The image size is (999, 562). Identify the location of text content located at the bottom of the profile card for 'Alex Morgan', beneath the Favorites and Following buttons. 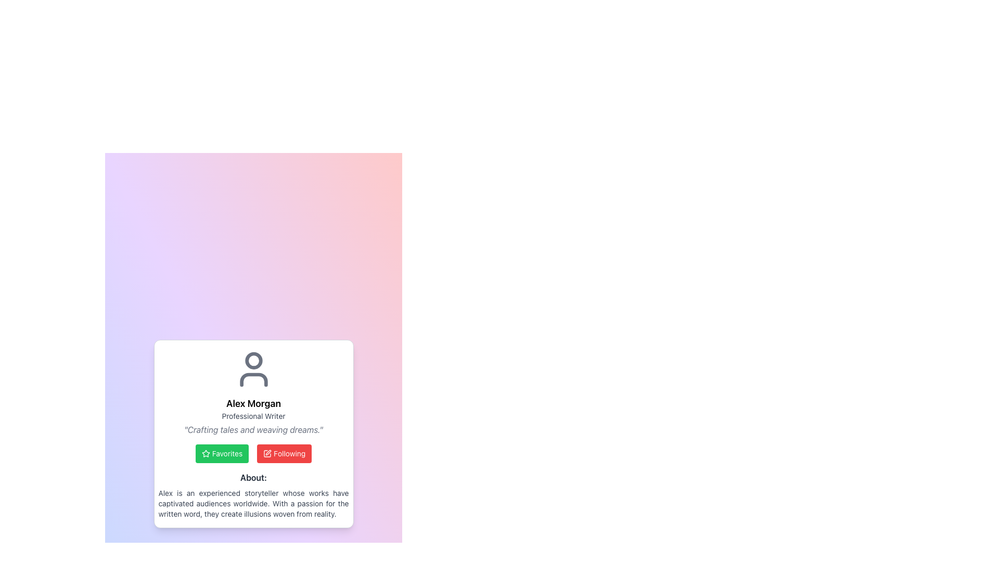
(253, 495).